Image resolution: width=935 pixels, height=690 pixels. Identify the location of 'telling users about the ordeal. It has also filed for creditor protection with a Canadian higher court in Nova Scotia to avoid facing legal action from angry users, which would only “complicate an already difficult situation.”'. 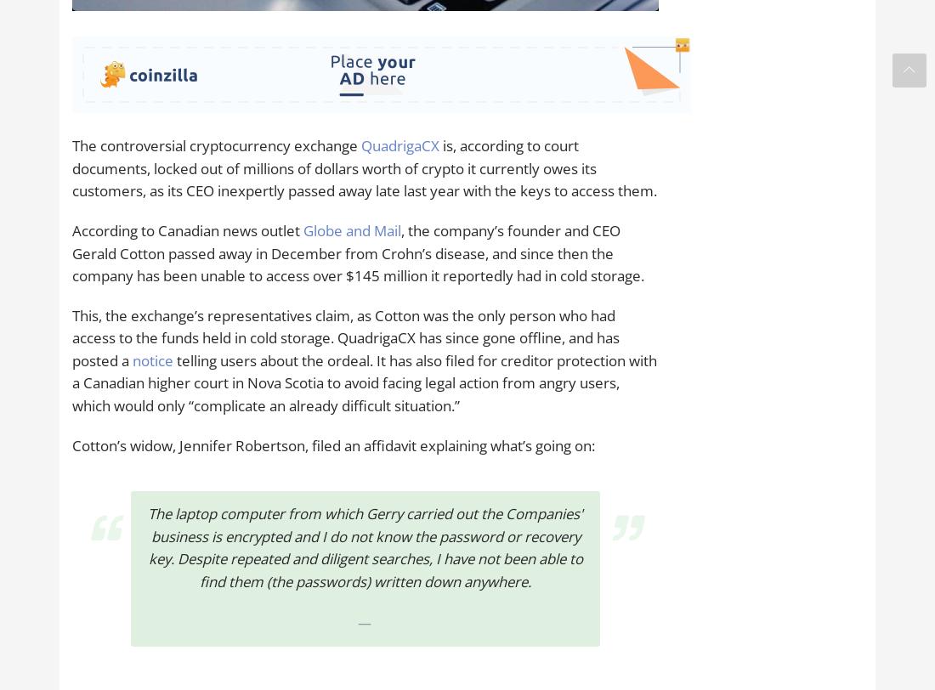
(364, 382).